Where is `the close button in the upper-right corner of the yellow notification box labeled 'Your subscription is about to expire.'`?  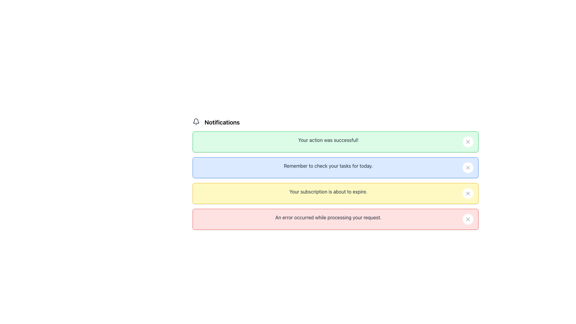 the close button in the upper-right corner of the yellow notification box labeled 'Your subscription is about to expire.' is located at coordinates (468, 193).